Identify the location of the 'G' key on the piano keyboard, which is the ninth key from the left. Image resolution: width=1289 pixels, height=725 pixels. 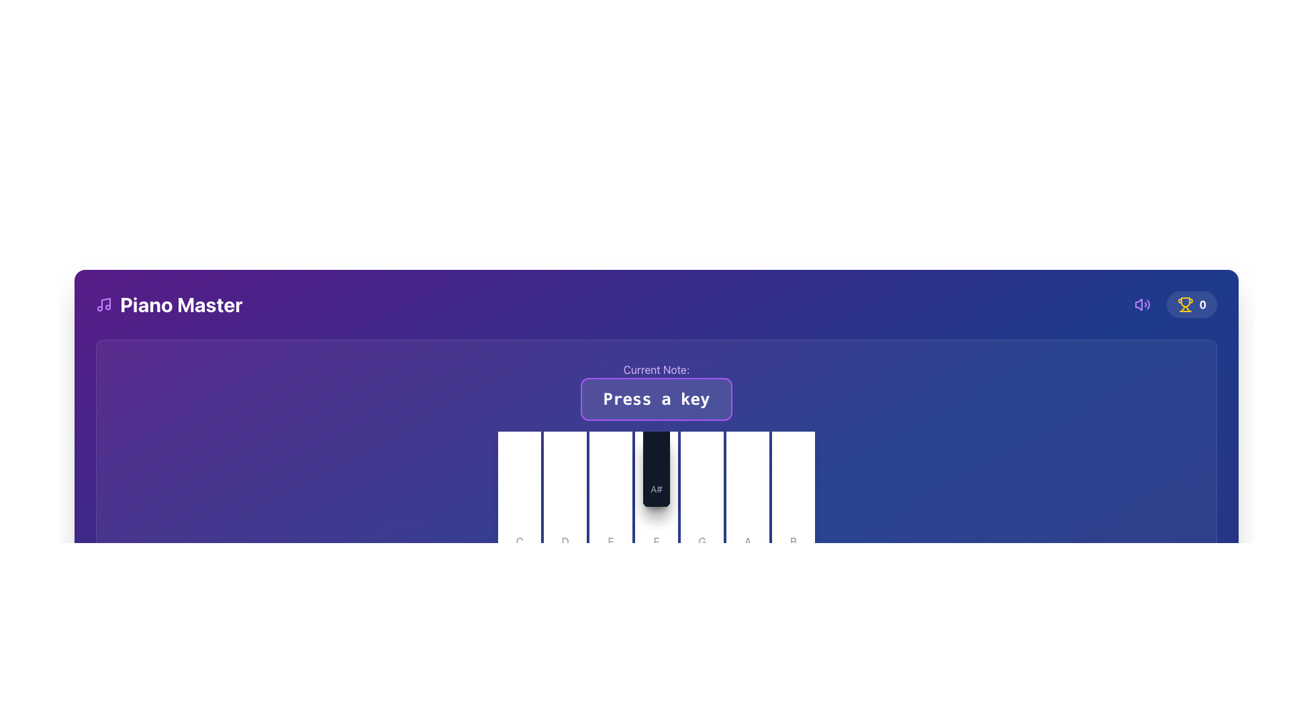
(702, 496).